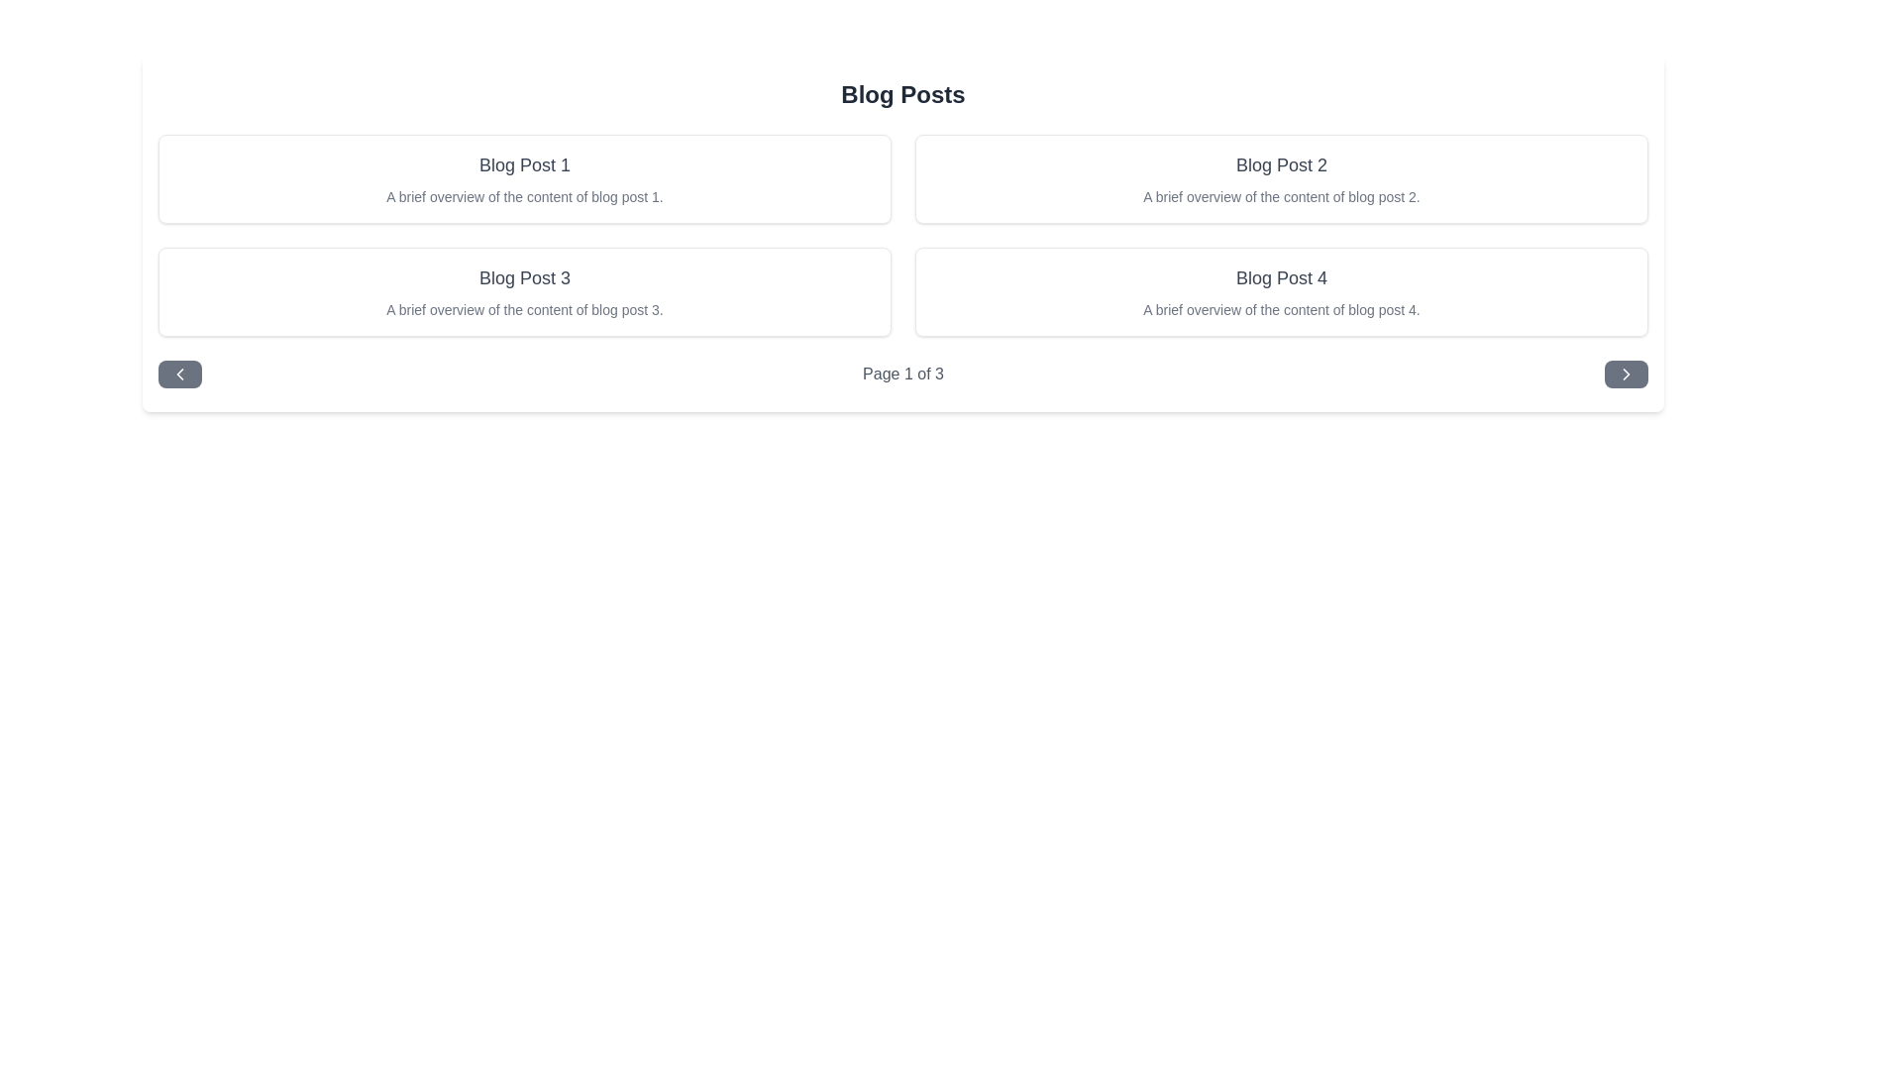 Image resolution: width=1902 pixels, height=1070 pixels. I want to click on the rightward chevron icon embedded within the rounded rectangular button with a dark gray background to move to the next page of items, so click(1626, 374).